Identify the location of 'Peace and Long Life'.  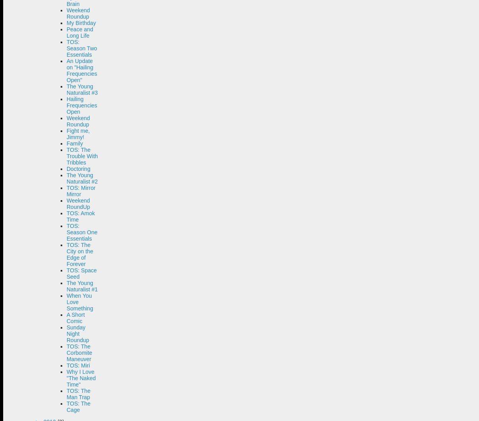
(80, 32).